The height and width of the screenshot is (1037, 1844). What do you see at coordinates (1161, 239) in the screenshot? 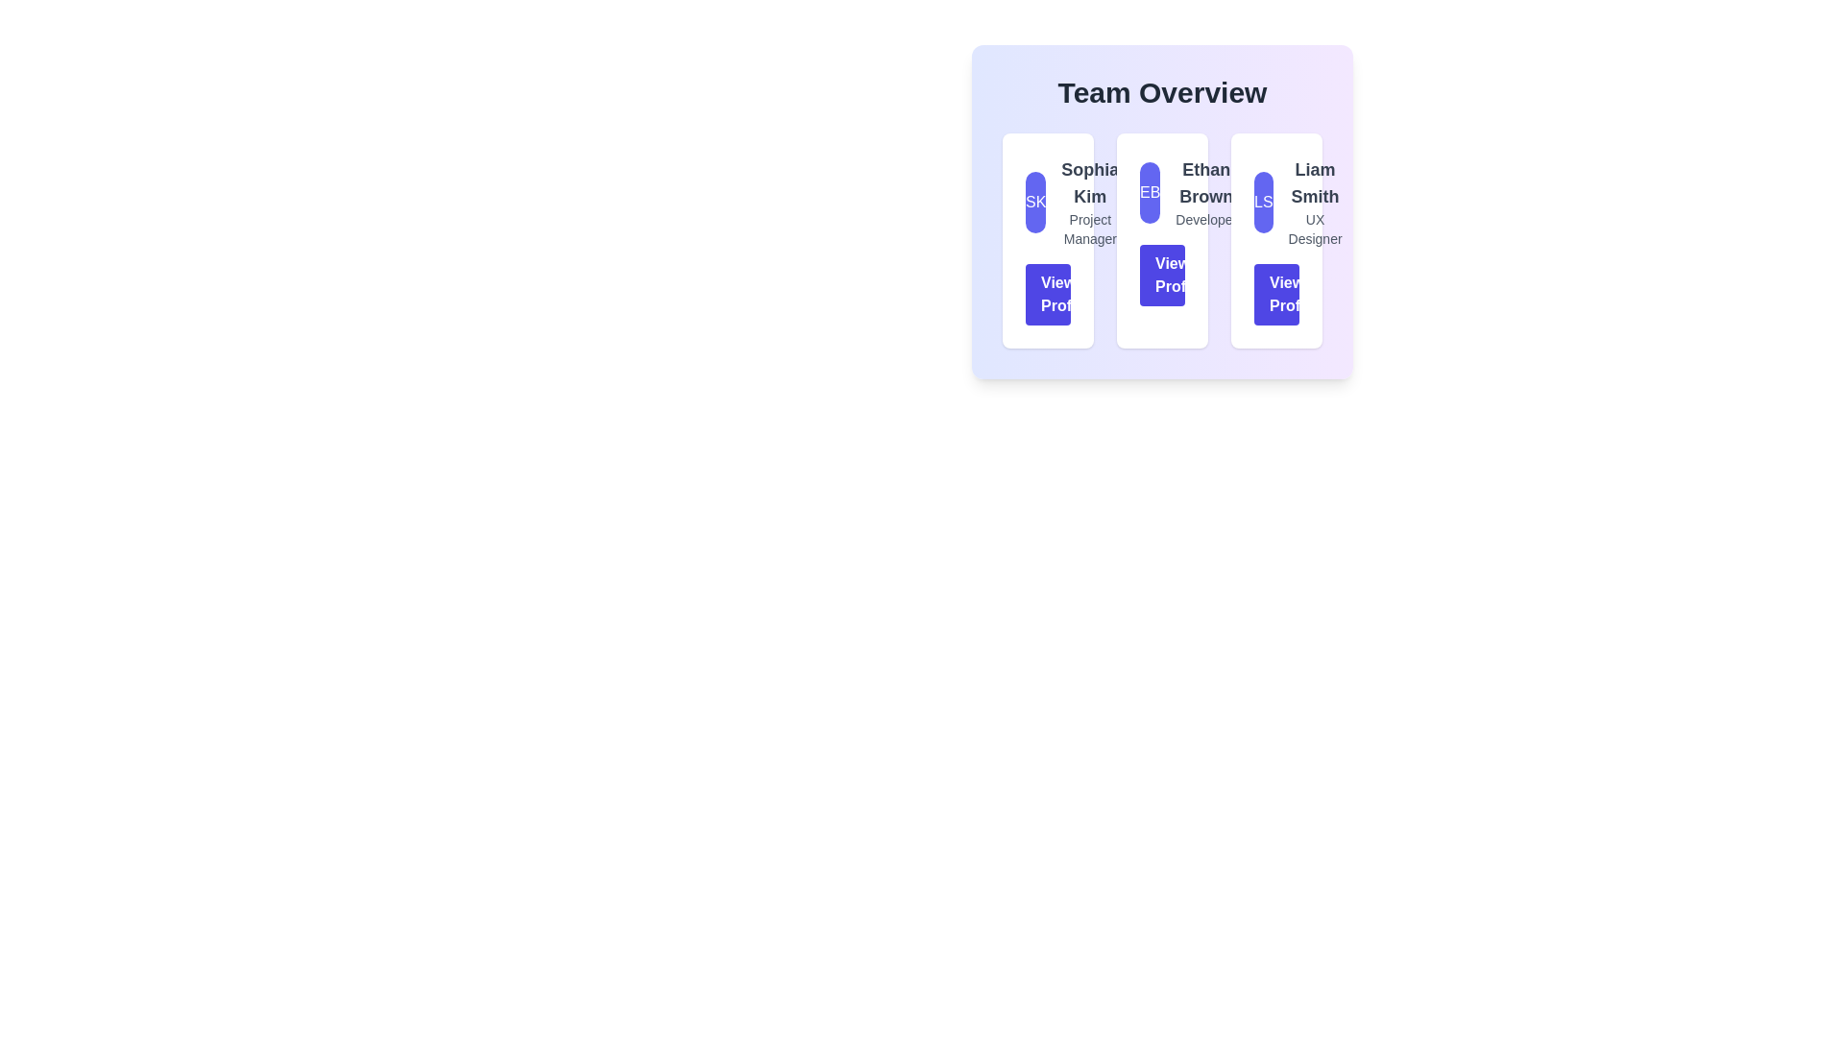
I see `the second card in the 'Team Overview' section, which contains the initials 'EB' in a rounded, indigo-colored circle, to possibly reveal additional information or animations` at bounding box center [1161, 239].